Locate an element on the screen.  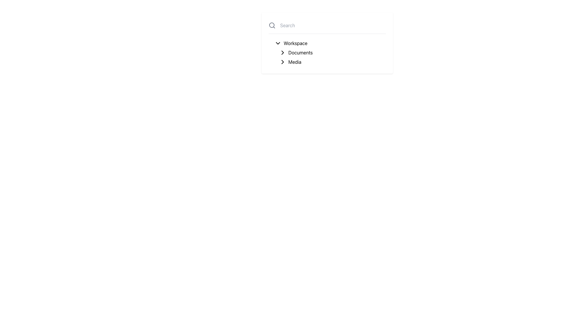
the Chevron Right icon is located at coordinates (282, 53).